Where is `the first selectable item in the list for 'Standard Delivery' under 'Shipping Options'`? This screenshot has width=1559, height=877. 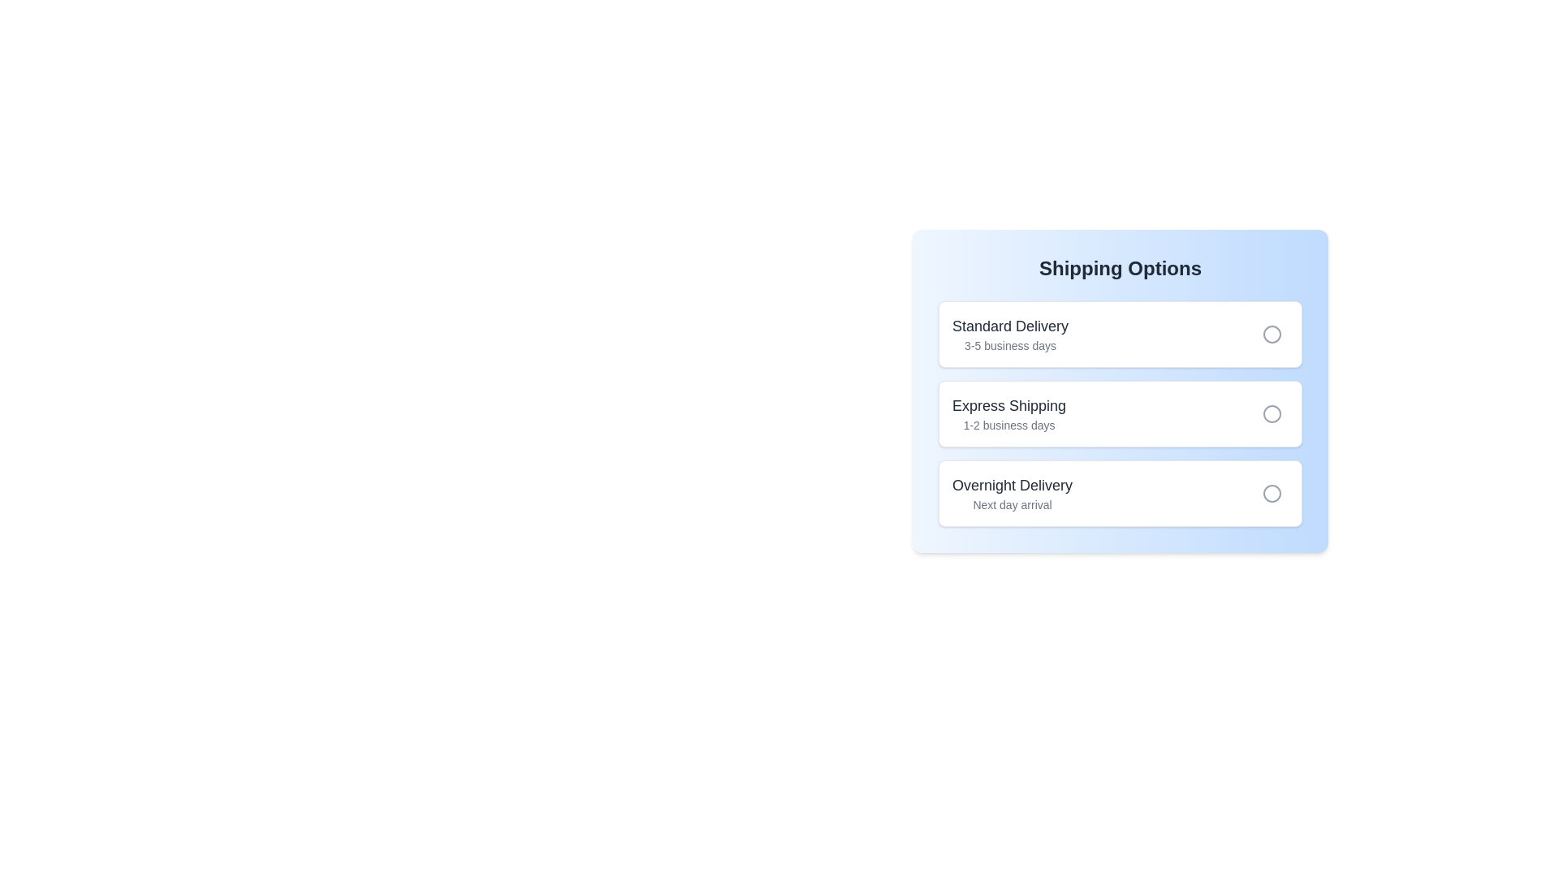 the first selectable item in the list for 'Standard Delivery' under 'Shipping Options' is located at coordinates (1120, 334).